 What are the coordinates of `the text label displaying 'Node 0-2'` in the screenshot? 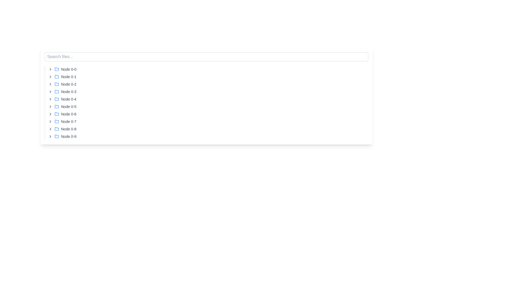 It's located at (68, 84).